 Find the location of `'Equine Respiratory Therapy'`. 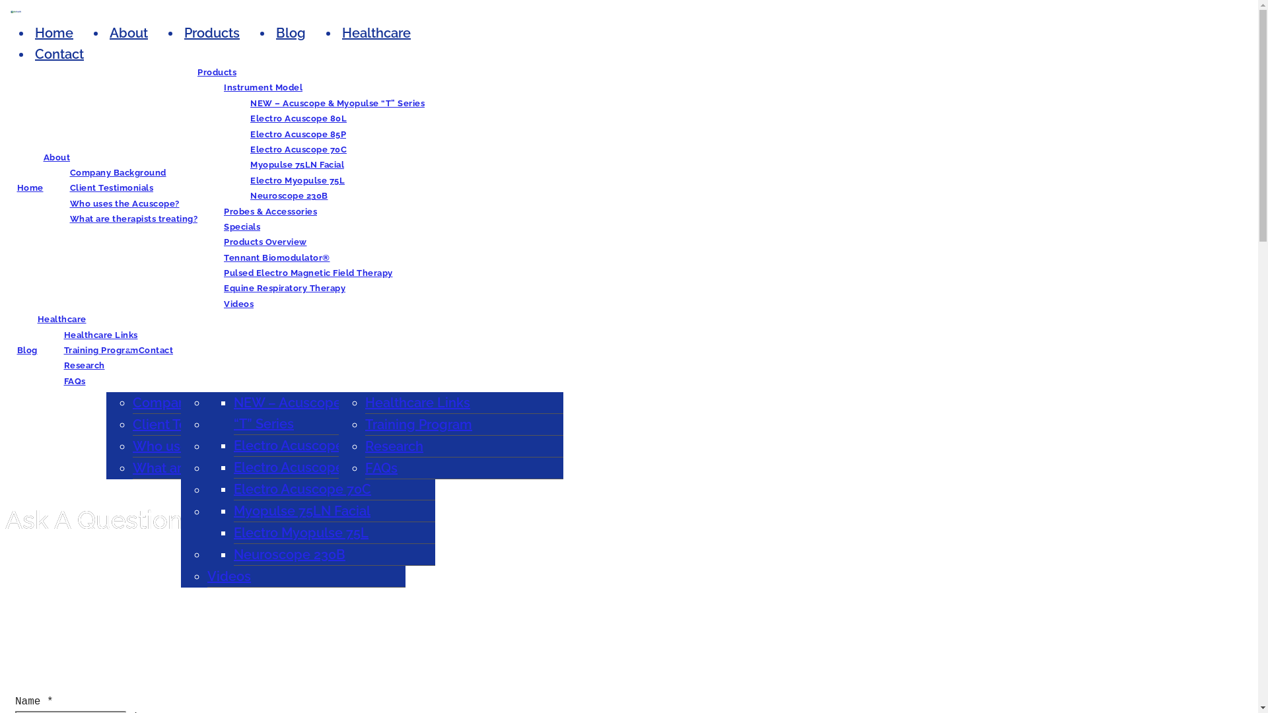

'Equine Respiratory Therapy' is located at coordinates (284, 287).